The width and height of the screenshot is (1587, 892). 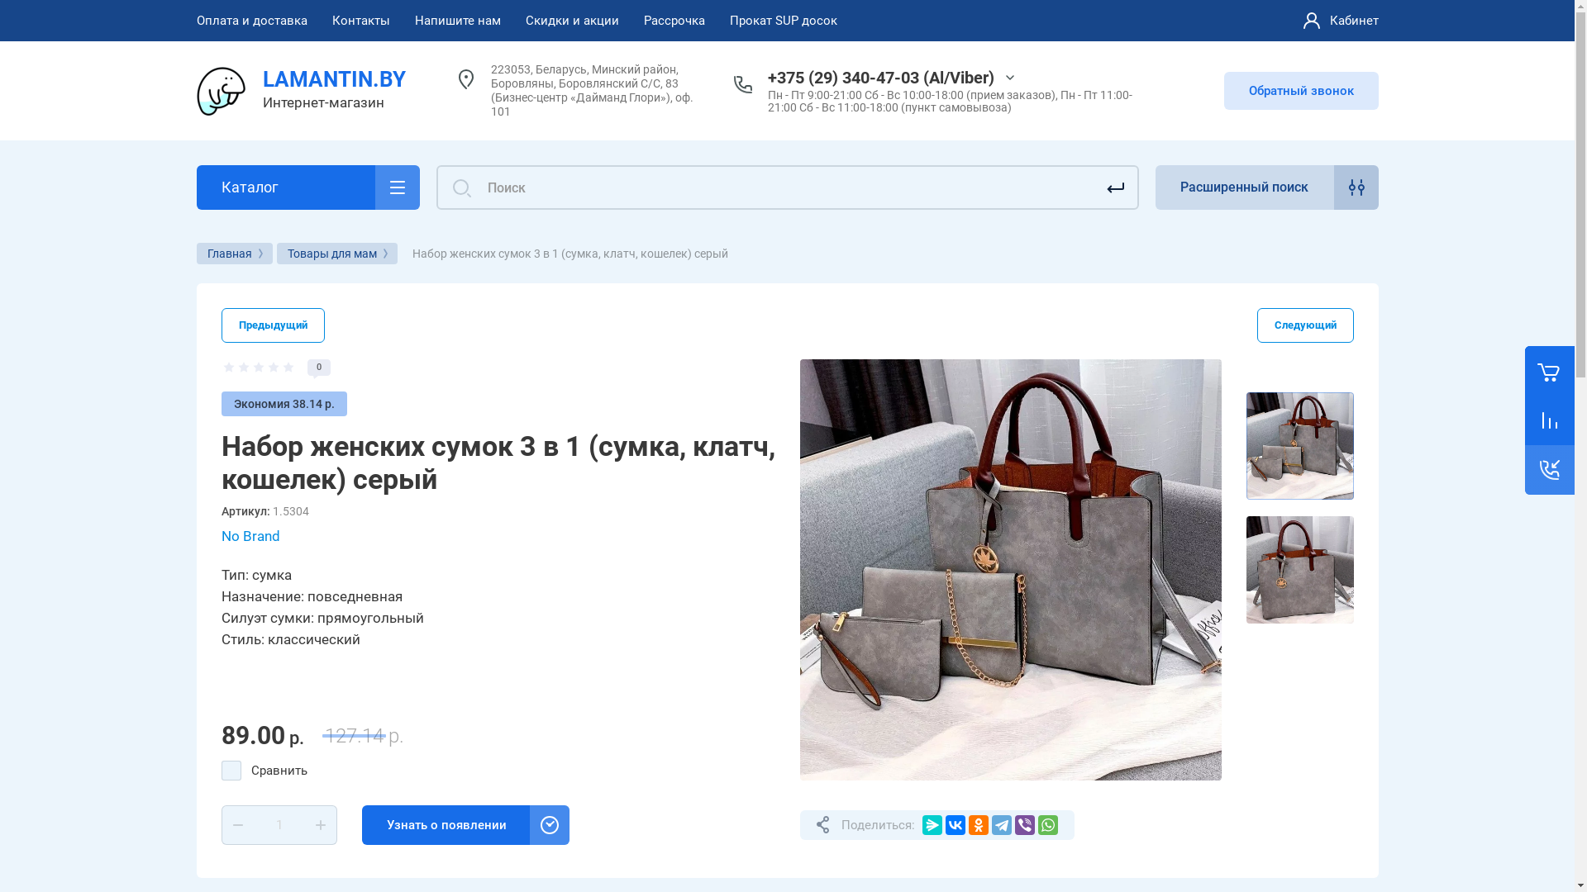 I want to click on 'No Brand', so click(x=250, y=536).